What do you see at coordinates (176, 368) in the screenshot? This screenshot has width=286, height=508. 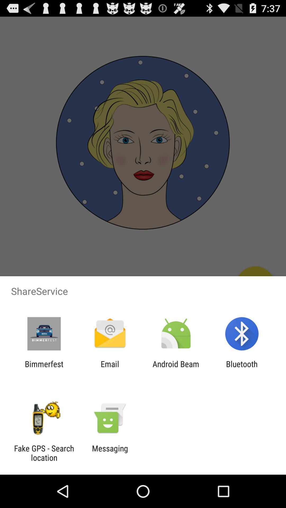 I see `the android beam` at bounding box center [176, 368].